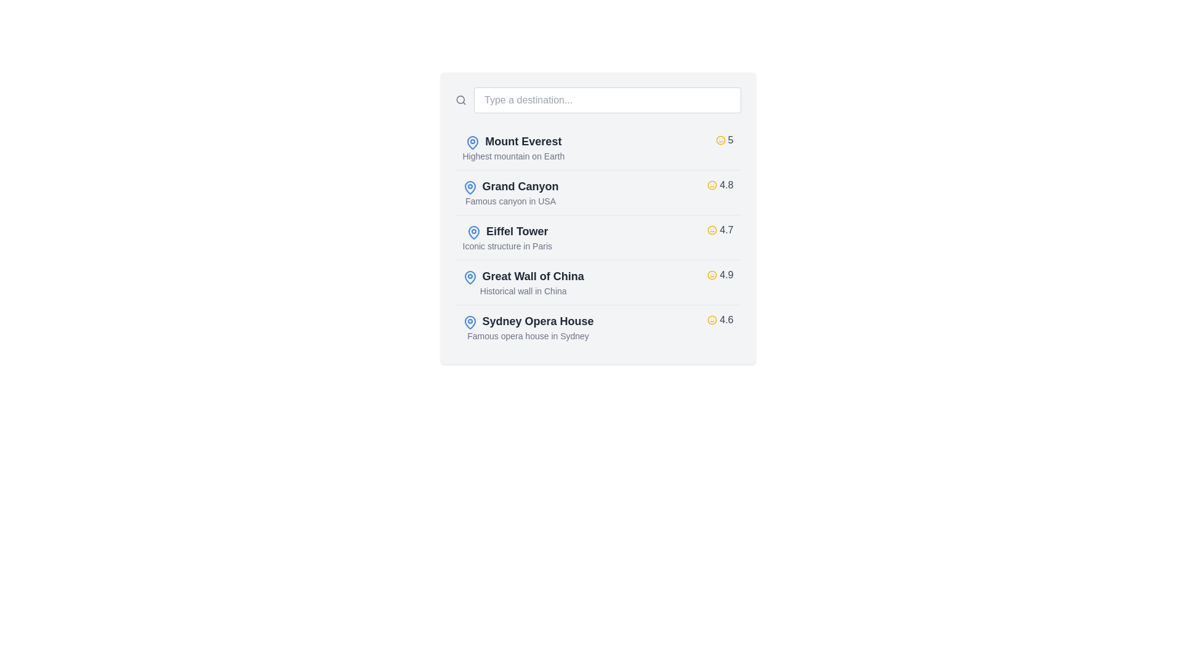 The width and height of the screenshot is (1182, 665). What do you see at coordinates (712, 275) in the screenshot?
I see `the rating icon representing a score of 4.9, located to the right of the fifth item's title and description text on the main interface` at bounding box center [712, 275].